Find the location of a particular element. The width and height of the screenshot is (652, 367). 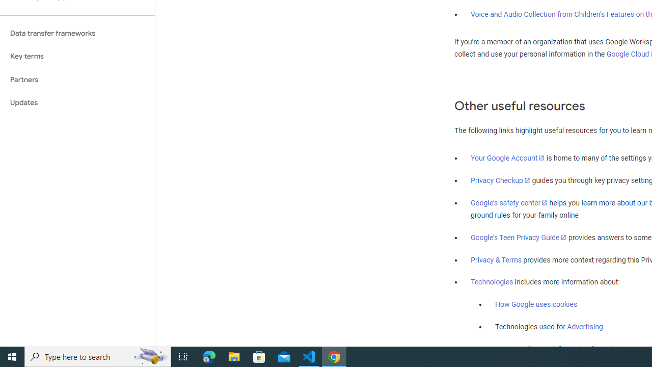

'Privacy & Terms' is located at coordinates (496, 259).